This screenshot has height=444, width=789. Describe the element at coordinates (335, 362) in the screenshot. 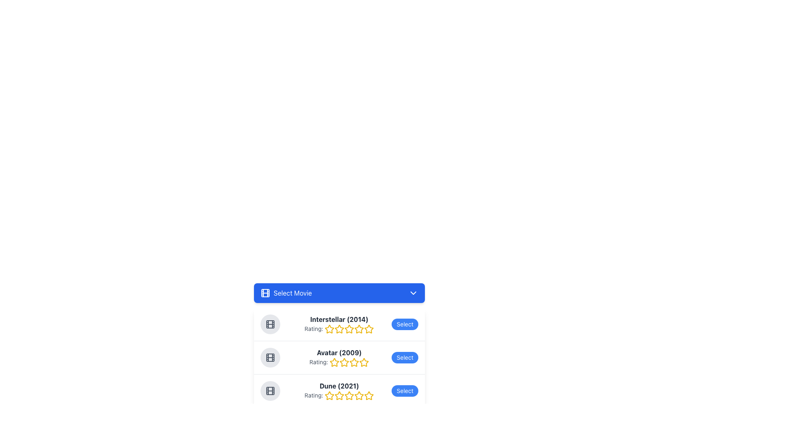

I see `the second star in the rating system for the movie 'Avatar (2009)' to rate at level 2` at that location.